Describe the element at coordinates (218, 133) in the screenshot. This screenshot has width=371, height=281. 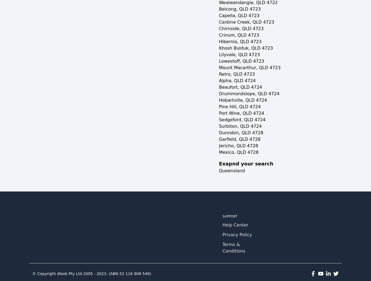
I see `'Dunrobin, QLD 4728'` at that location.